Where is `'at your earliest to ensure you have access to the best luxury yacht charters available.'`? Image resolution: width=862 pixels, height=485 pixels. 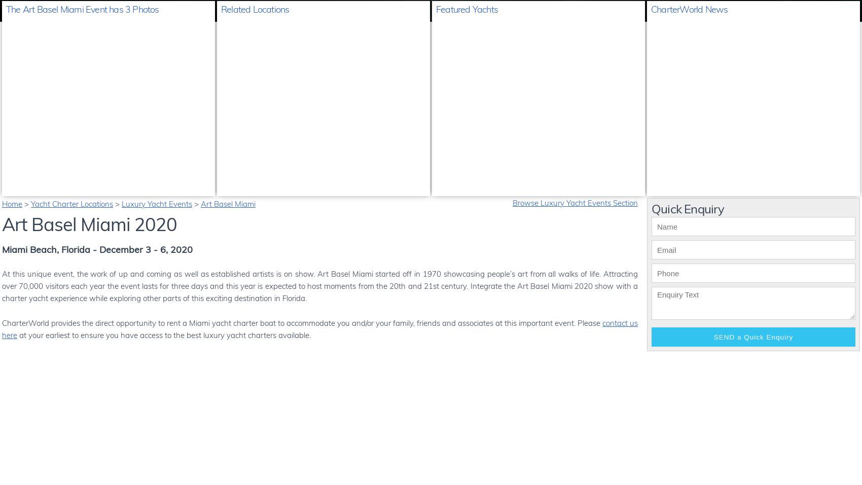 'at your earliest to ensure you have access to the best luxury yacht charters available.' is located at coordinates (17, 334).